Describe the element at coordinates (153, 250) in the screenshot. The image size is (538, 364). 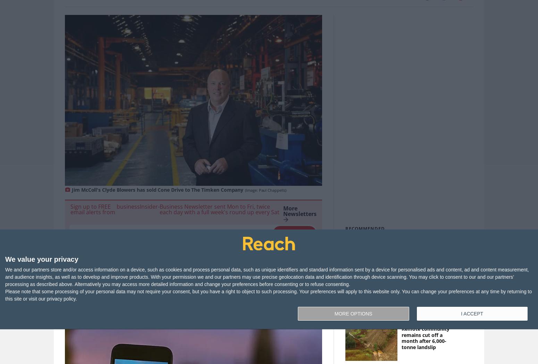
I see `'More info'` at that location.